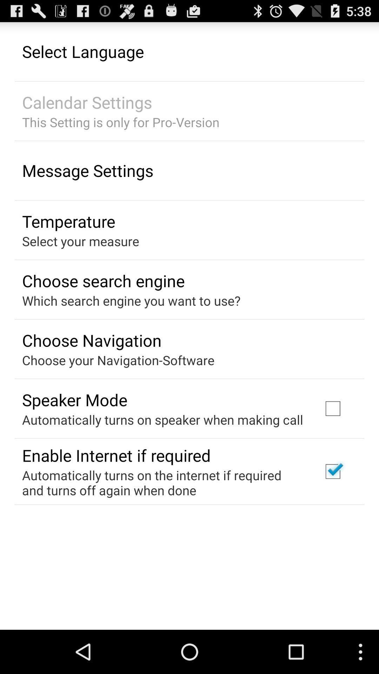  What do you see at coordinates (120, 122) in the screenshot?
I see `the app below calendar settings` at bounding box center [120, 122].